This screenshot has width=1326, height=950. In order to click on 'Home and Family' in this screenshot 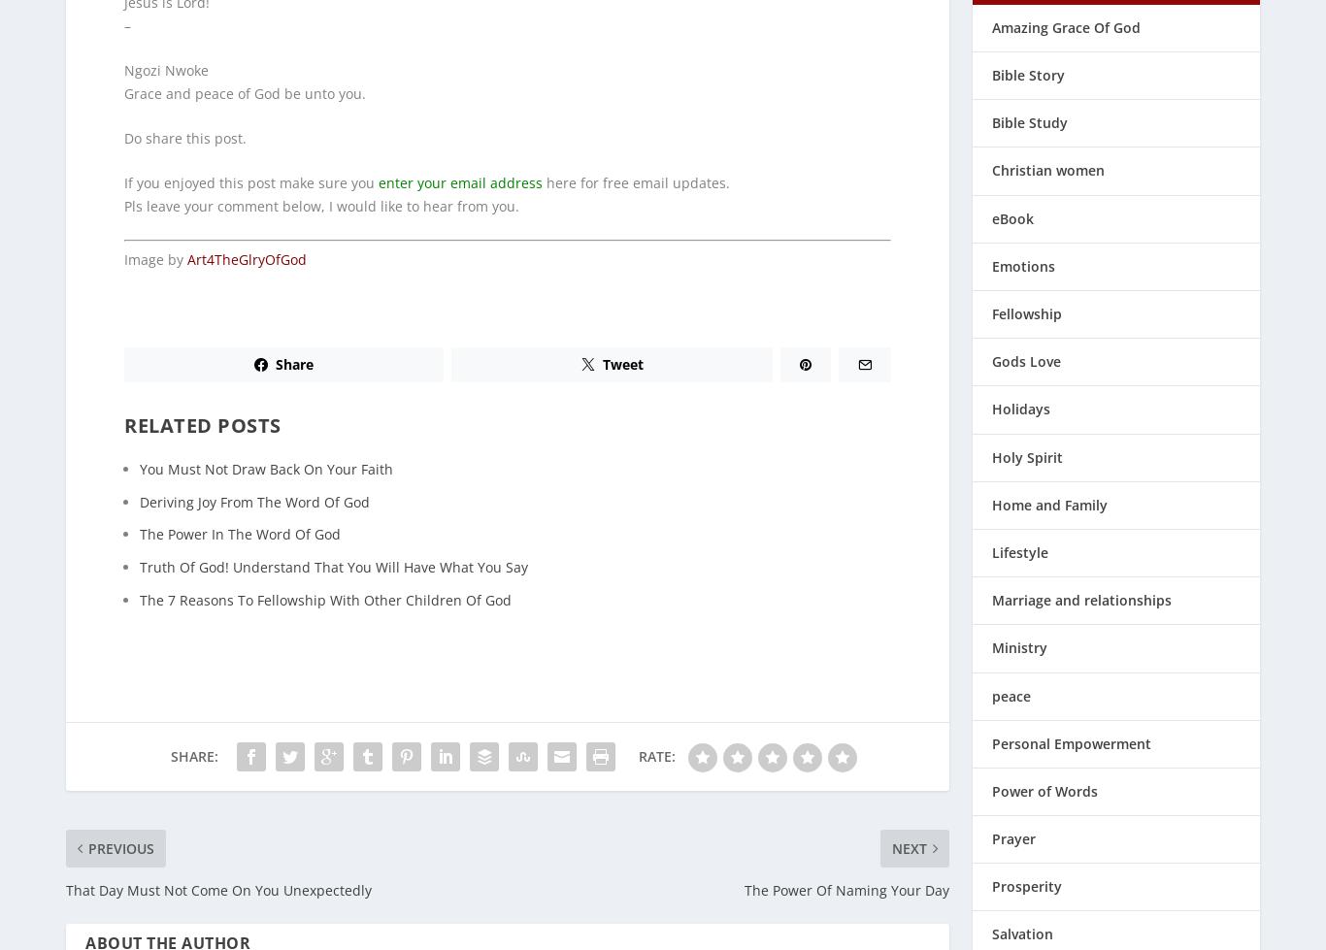, I will do `click(1048, 491)`.